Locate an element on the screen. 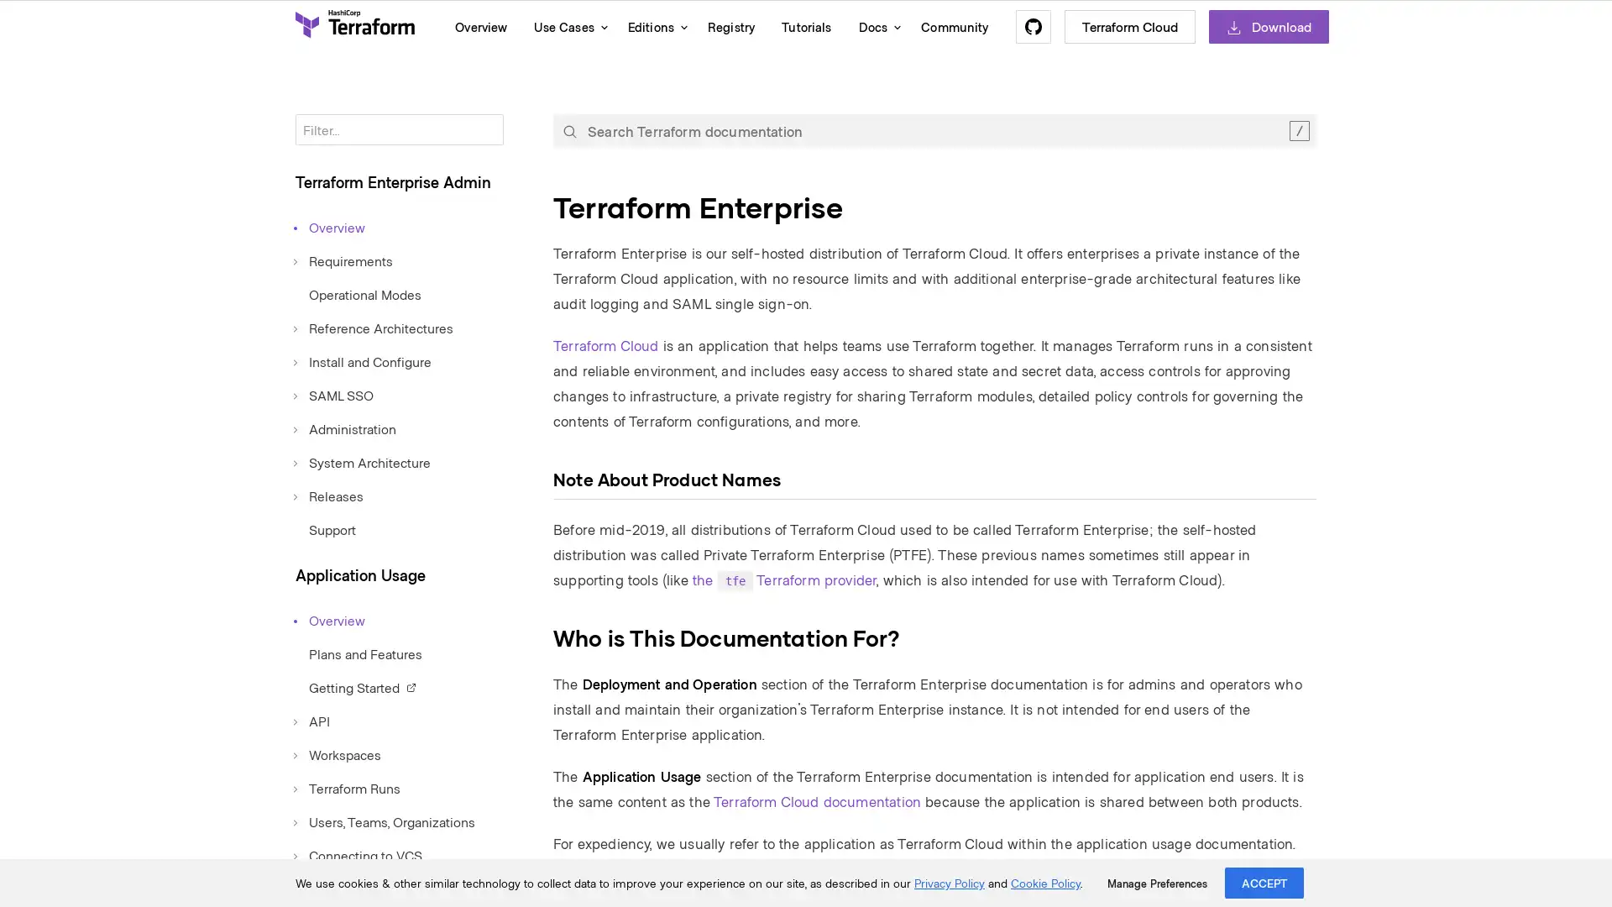  Administration is located at coordinates (345, 427).